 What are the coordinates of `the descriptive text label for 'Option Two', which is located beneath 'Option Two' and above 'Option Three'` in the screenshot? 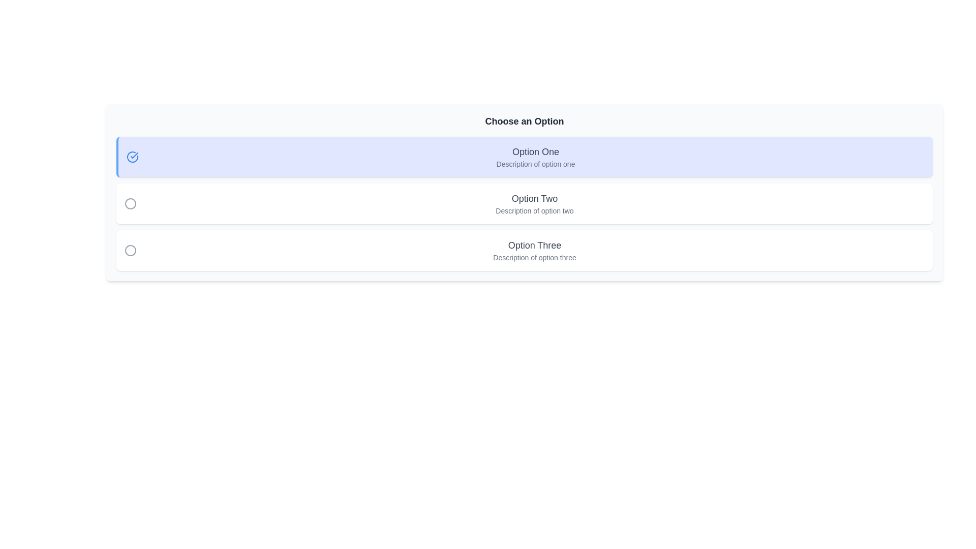 It's located at (534, 210).